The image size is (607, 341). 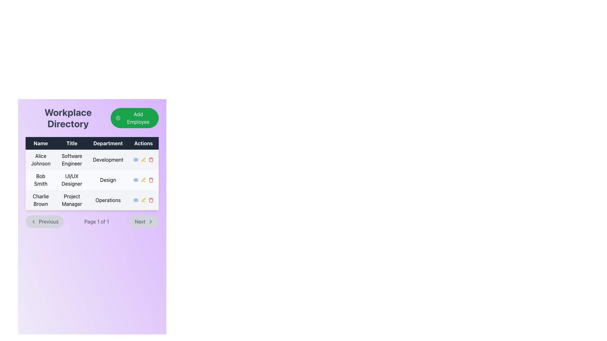 I want to click on the table header item labeled 'Department', which is the third heading in a row between 'Title' and 'Actions', displayed in bold white text within a dark header bar, so click(x=108, y=143).